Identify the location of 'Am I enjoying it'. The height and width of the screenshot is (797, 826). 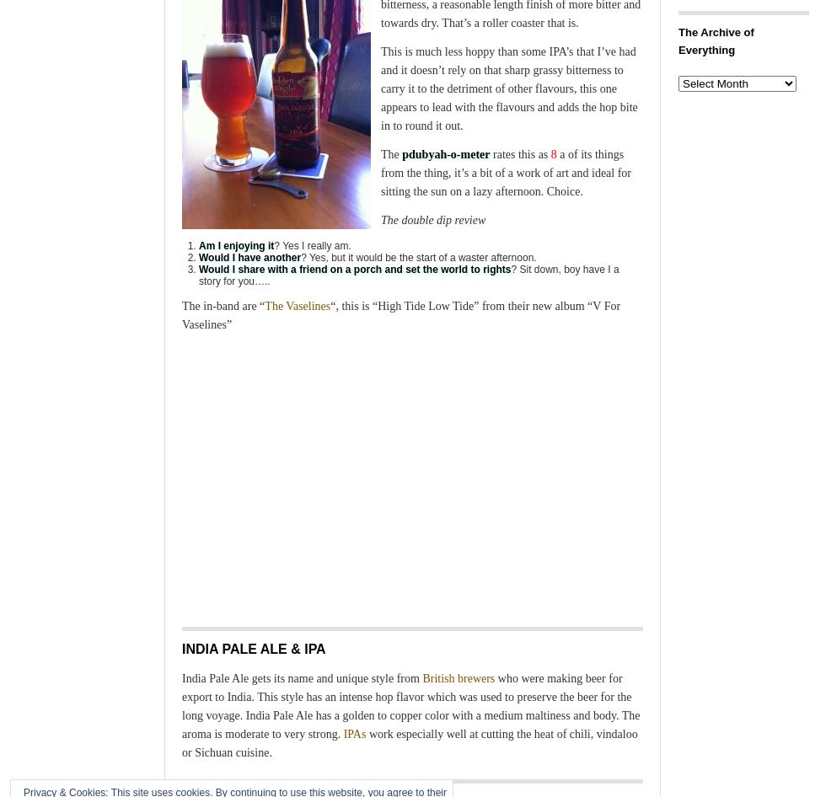
(236, 245).